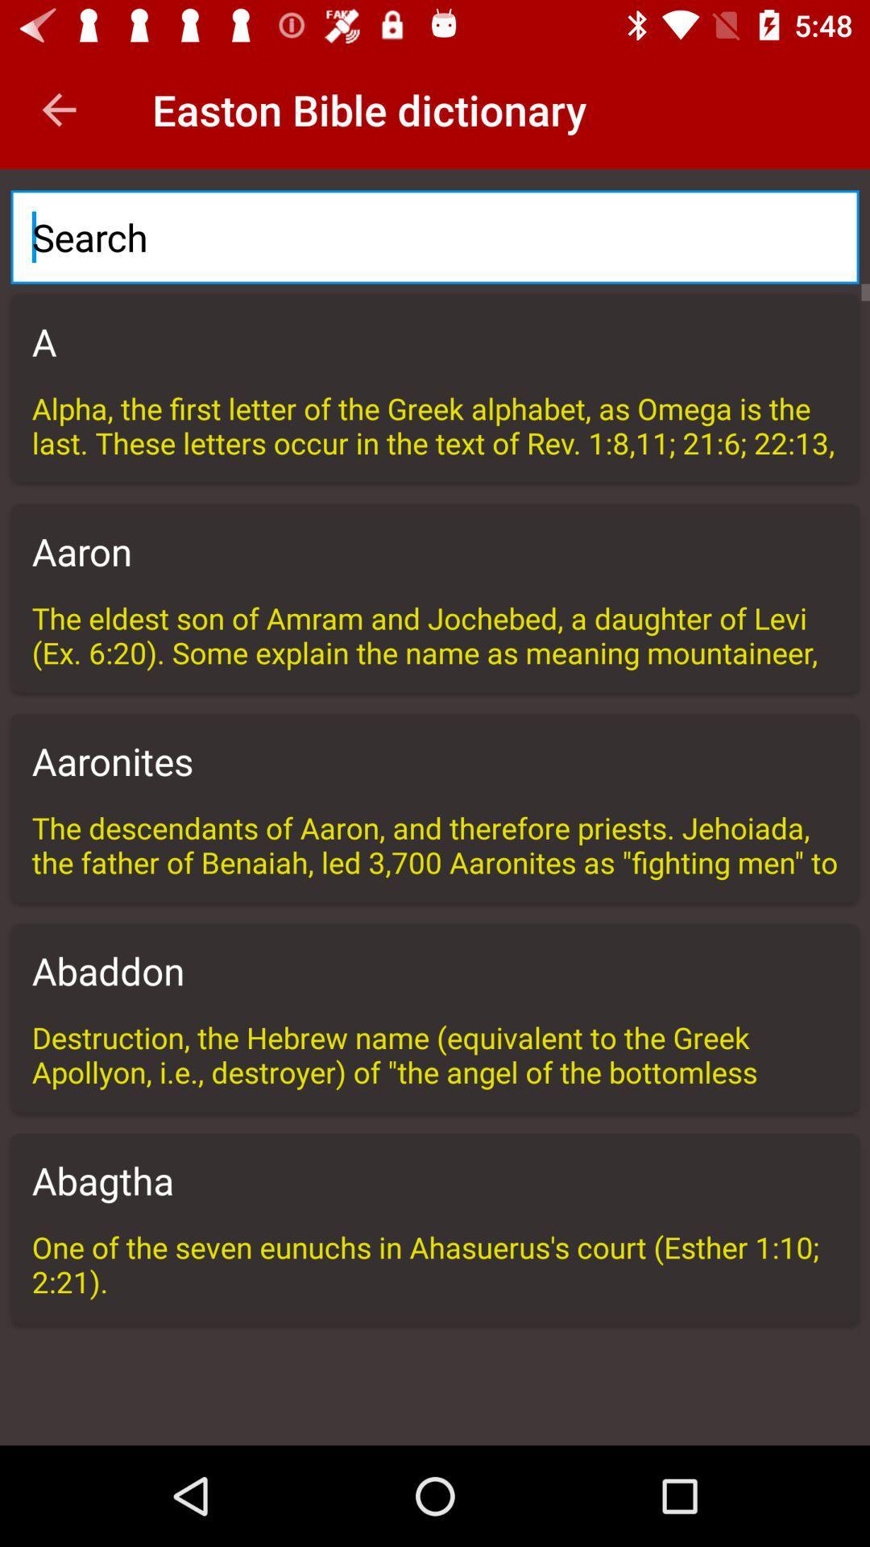  Describe the element at coordinates (58, 109) in the screenshot. I see `the item next to the easton bible dictionary icon` at that location.